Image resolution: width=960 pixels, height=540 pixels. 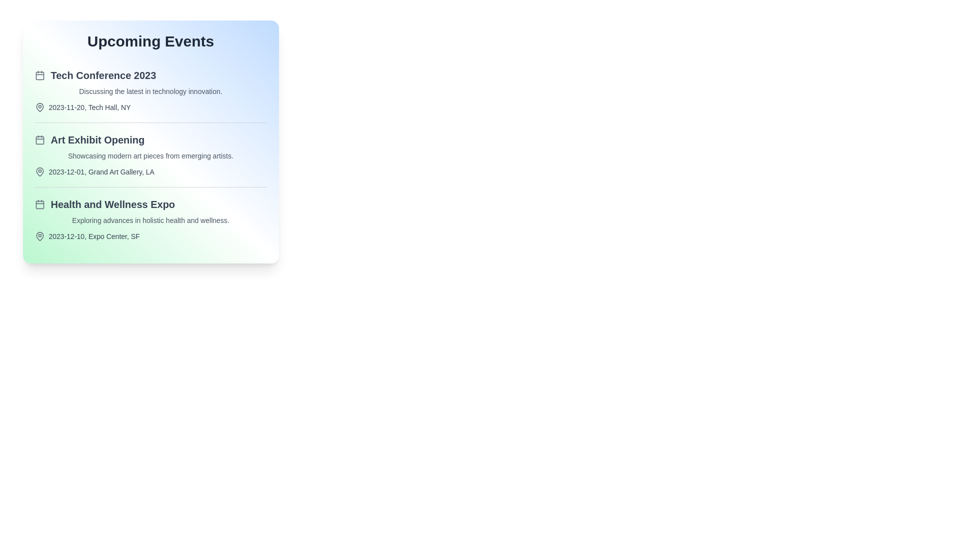 What do you see at coordinates (39, 74) in the screenshot?
I see `the calendar icon for the Tech Conference 2023 event` at bounding box center [39, 74].